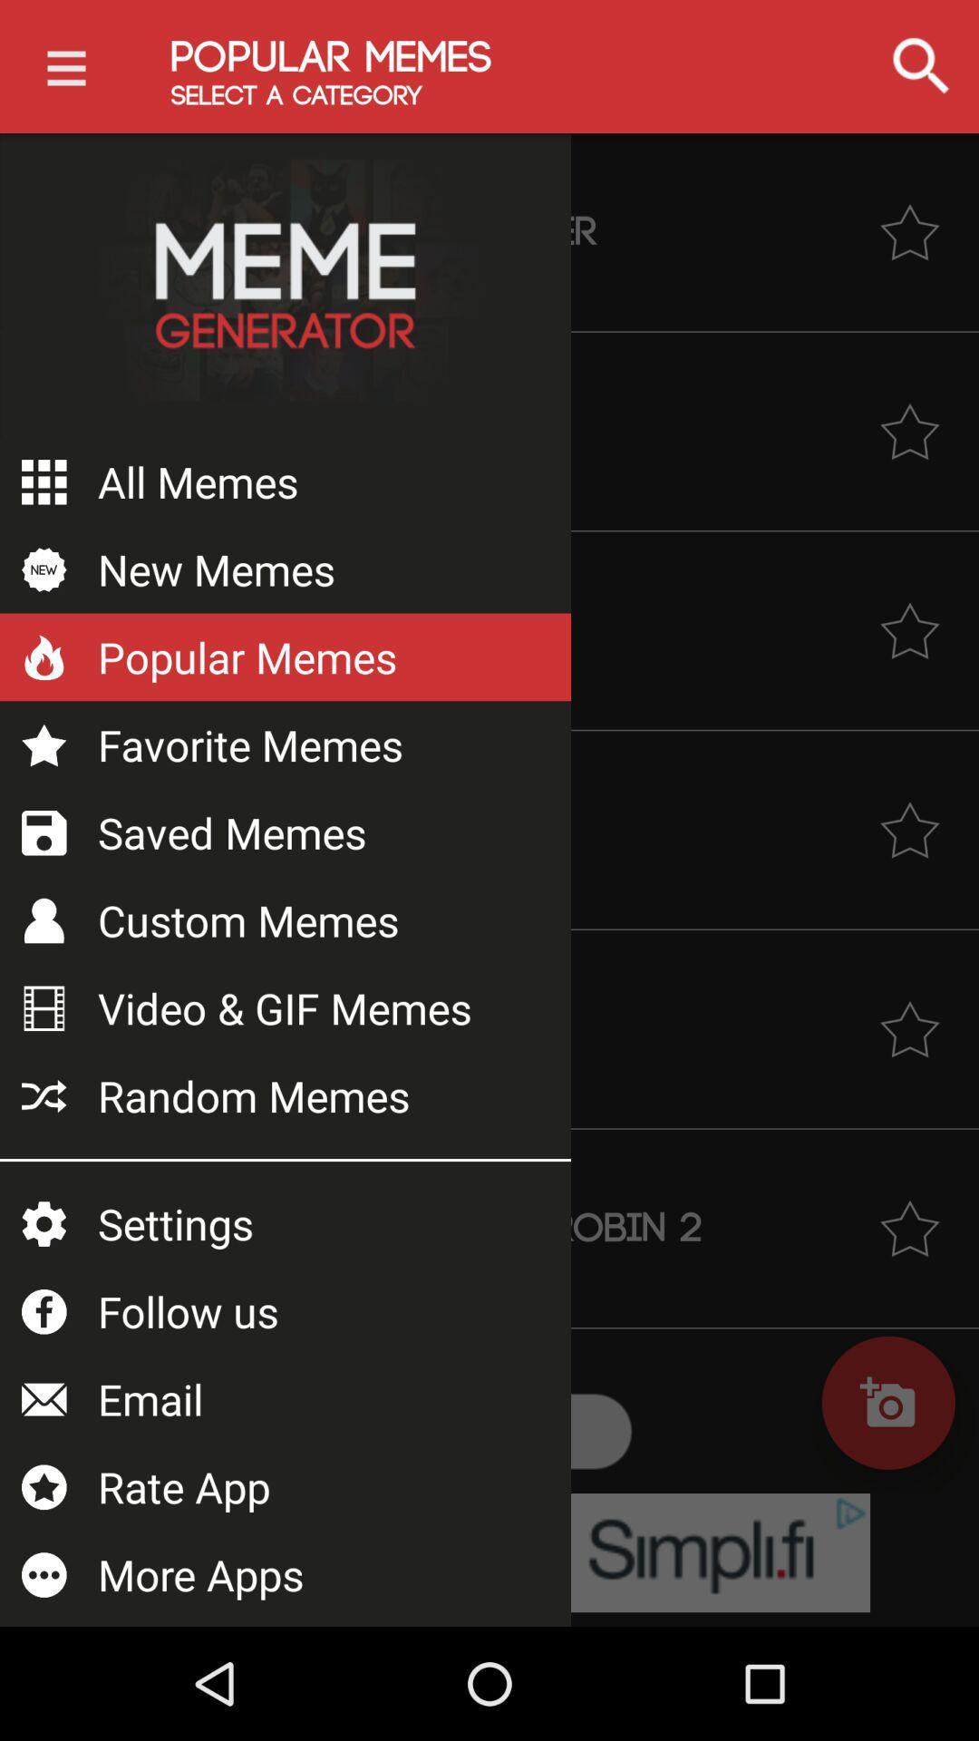 Image resolution: width=979 pixels, height=1741 pixels. Describe the element at coordinates (887, 1402) in the screenshot. I see `the photo icon` at that location.